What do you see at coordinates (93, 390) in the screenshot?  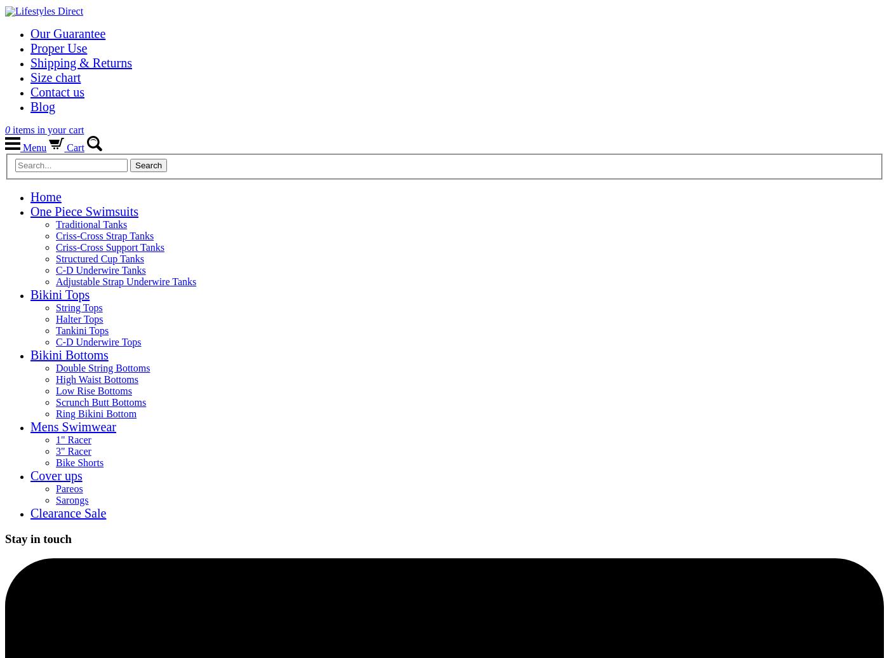 I see `'Low Rise Bottoms'` at bounding box center [93, 390].